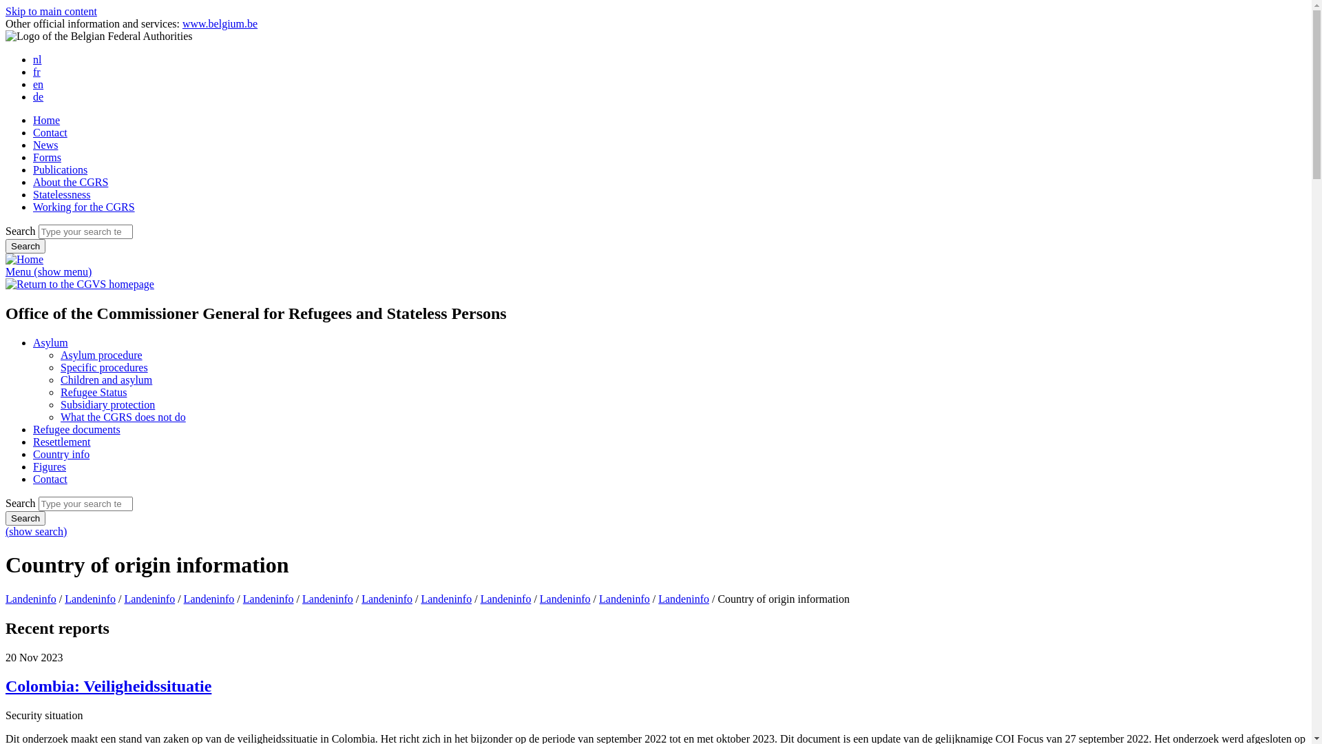 The height and width of the screenshot is (744, 1322). Describe the element at coordinates (48, 271) in the screenshot. I see `'Menu (show menu)'` at that location.